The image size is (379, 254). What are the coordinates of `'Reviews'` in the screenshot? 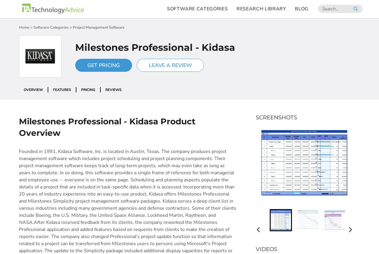 It's located at (105, 89).